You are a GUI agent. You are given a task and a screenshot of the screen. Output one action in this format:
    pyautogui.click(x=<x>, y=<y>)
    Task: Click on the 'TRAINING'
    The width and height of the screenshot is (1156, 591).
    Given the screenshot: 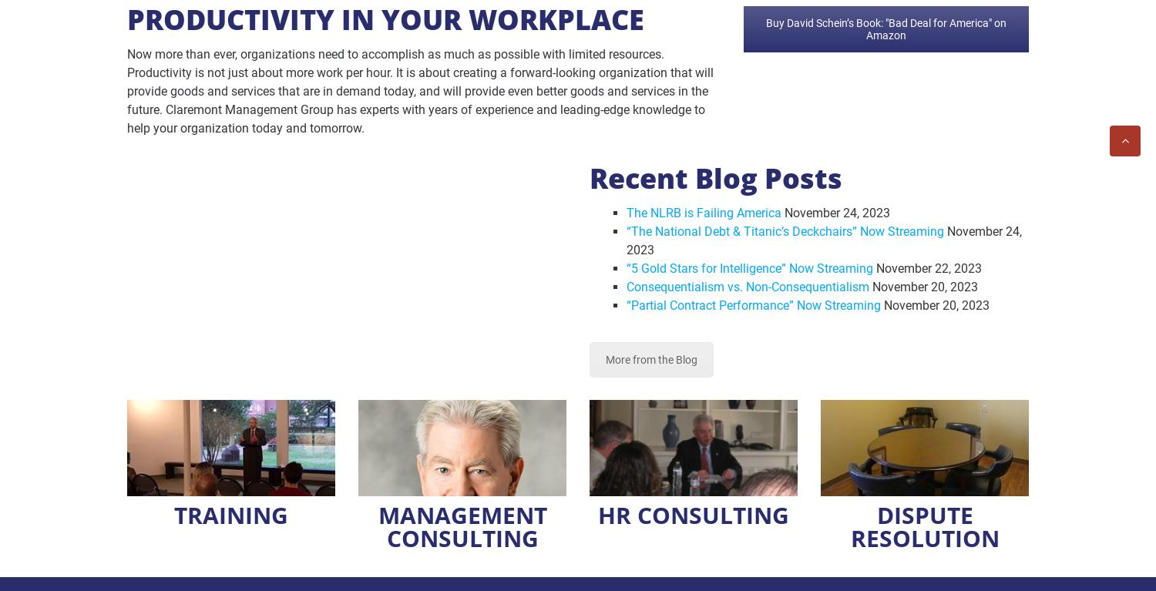 What is the action you would take?
    pyautogui.click(x=231, y=514)
    